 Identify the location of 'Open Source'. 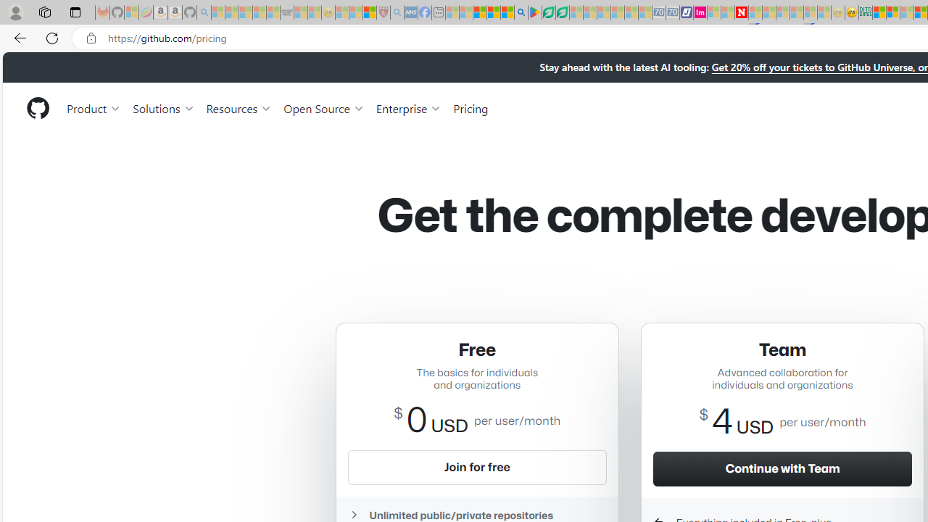
(323, 107).